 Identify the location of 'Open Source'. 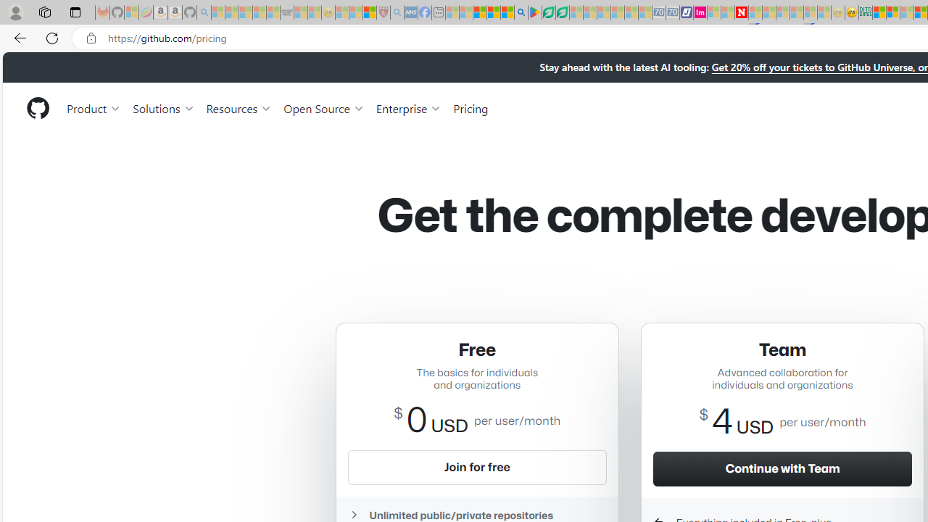
(323, 107).